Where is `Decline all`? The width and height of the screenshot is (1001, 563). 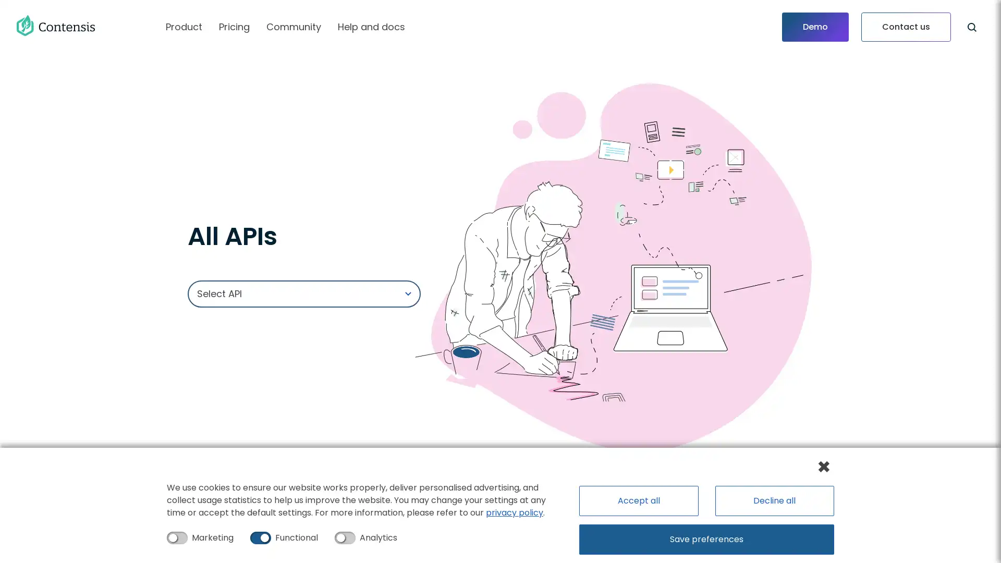 Decline all is located at coordinates (774, 500).